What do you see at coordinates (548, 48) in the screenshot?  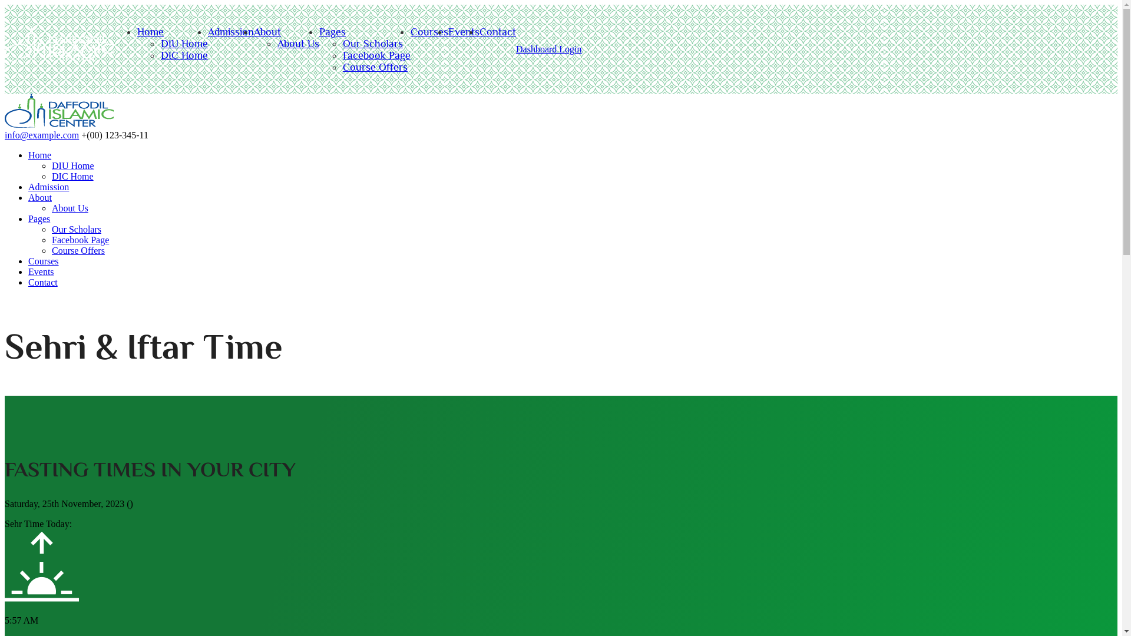 I see `'Dashboard Login'` at bounding box center [548, 48].